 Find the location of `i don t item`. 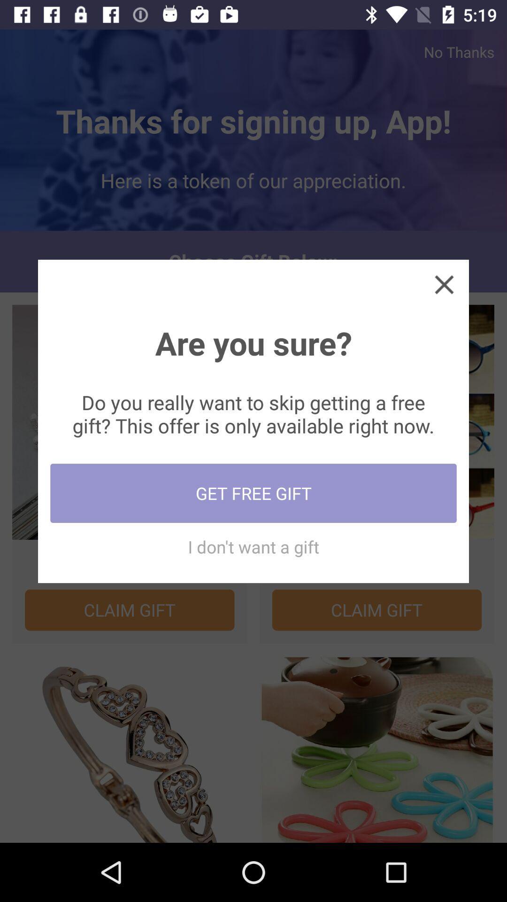

i don t item is located at coordinates (253, 546).